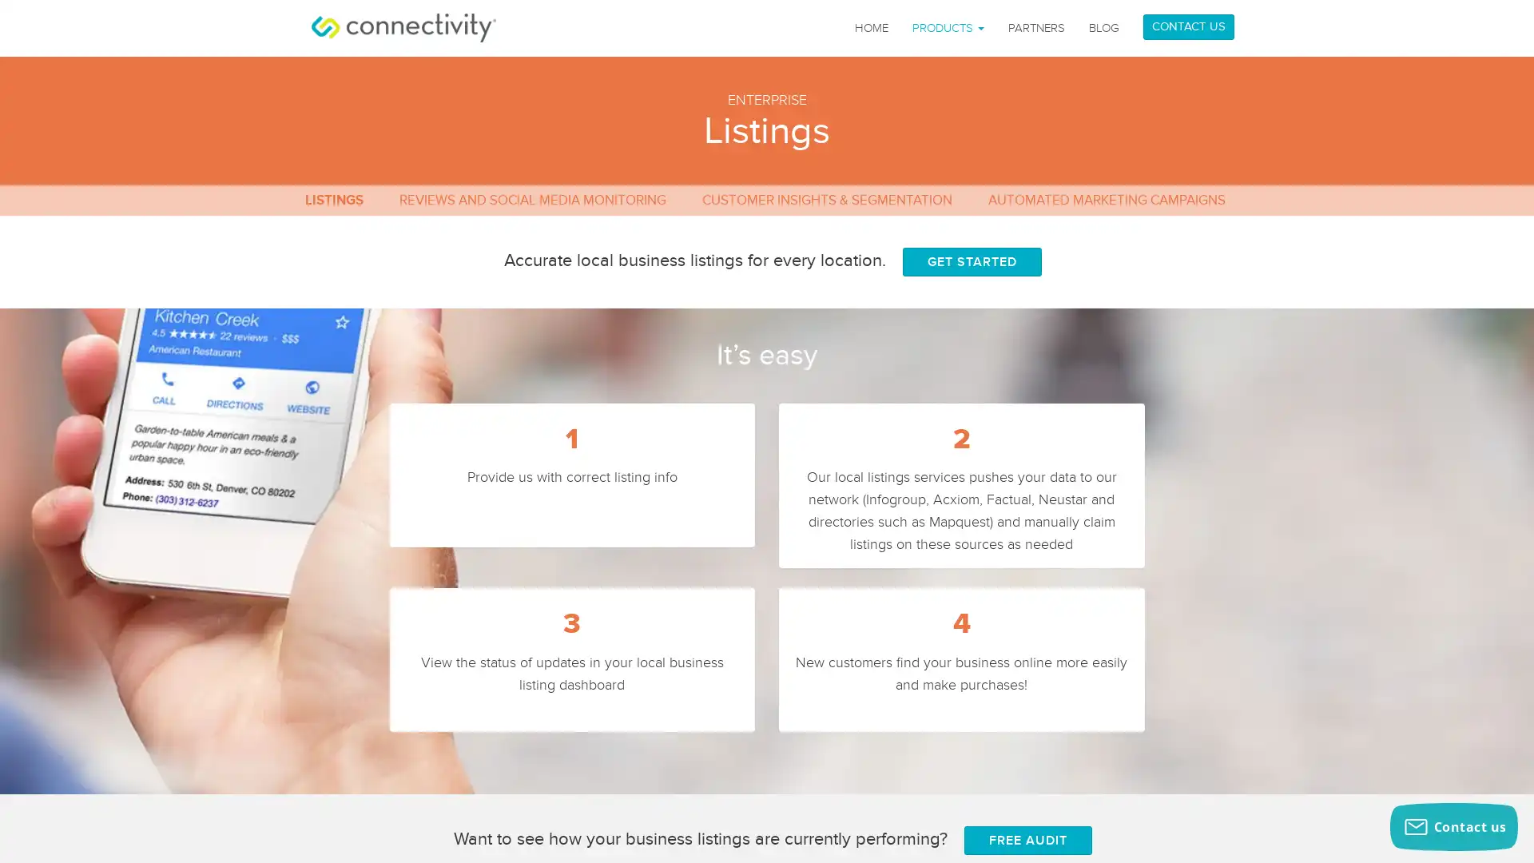 The image size is (1534, 863). Describe the element at coordinates (1453, 826) in the screenshot. I see `Contact us` at that location.